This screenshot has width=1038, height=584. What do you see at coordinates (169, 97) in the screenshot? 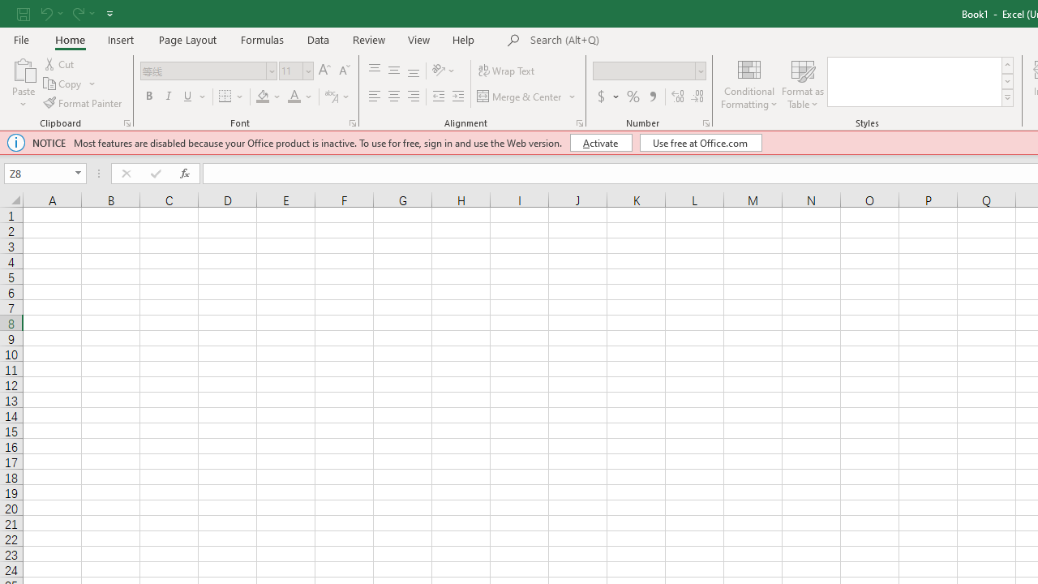
I see `'Italic'` at bounding box center [169, 97].